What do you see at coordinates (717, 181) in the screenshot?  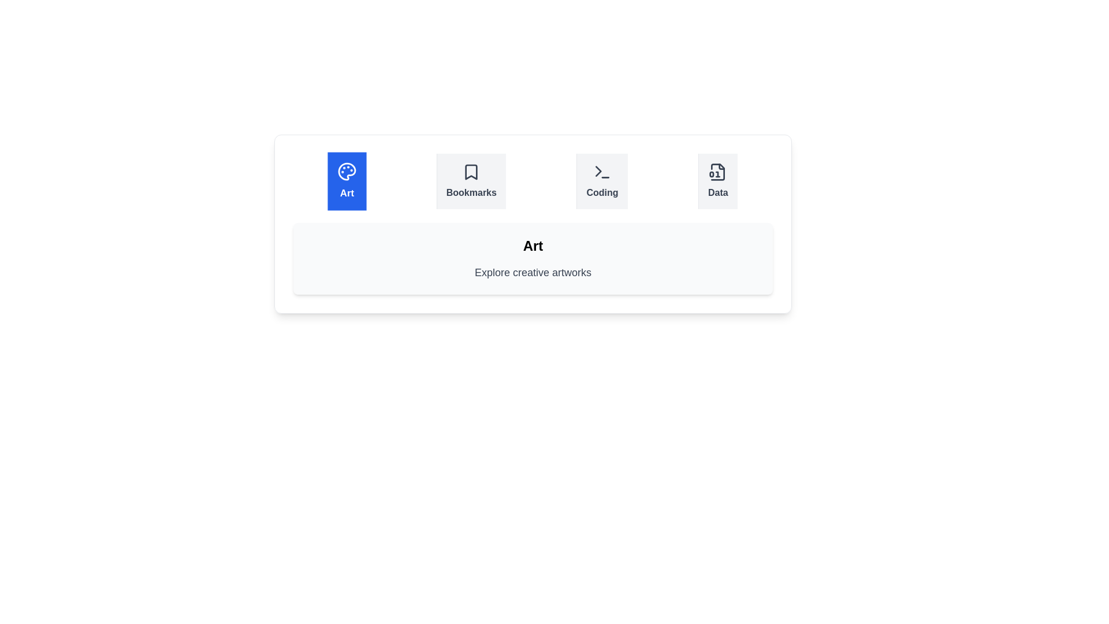 I see `the tab labeled Data to observe its icon and label` at bounding box center [717, 181].